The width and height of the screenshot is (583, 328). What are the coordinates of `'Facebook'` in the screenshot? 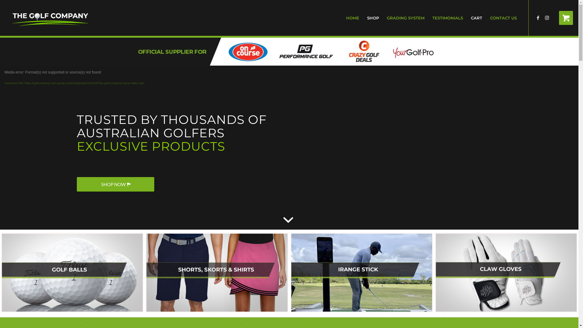 It's located at (538, 17).